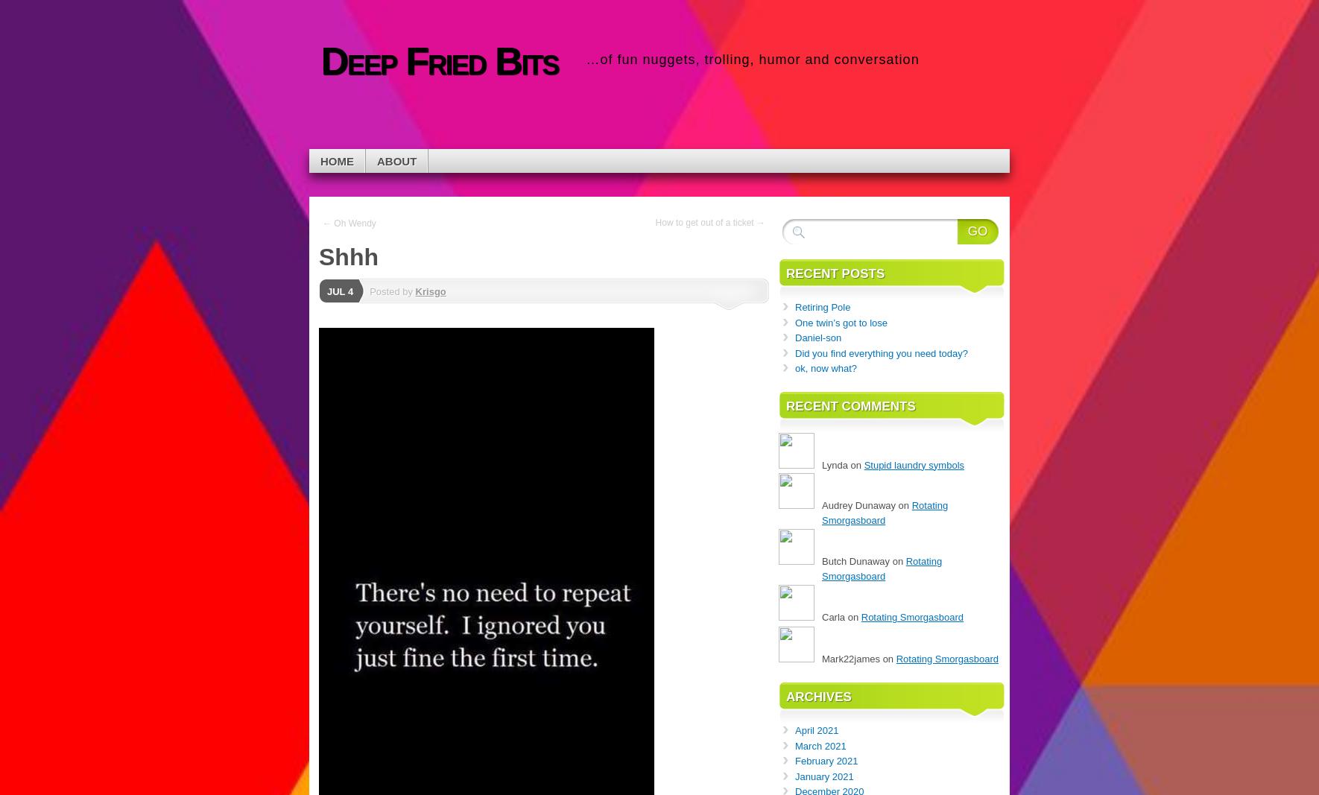 The height and width of the screenshot is (795, 1319). Describe the element at coordinates (822, 306) in the screenshot. I see `'Retiring Pole'` at that location.